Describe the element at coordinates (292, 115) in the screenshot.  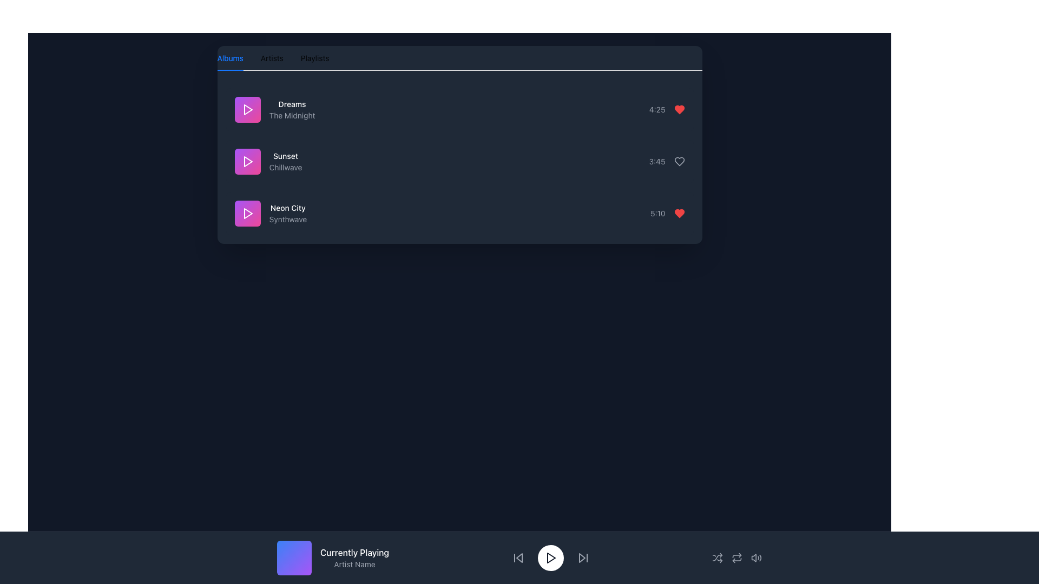
I see `the text label displaying 'The Midnight' in light gray color, located directly under the 'Dreams' text in the first row of the list under the 'Albums' tab` at that location.